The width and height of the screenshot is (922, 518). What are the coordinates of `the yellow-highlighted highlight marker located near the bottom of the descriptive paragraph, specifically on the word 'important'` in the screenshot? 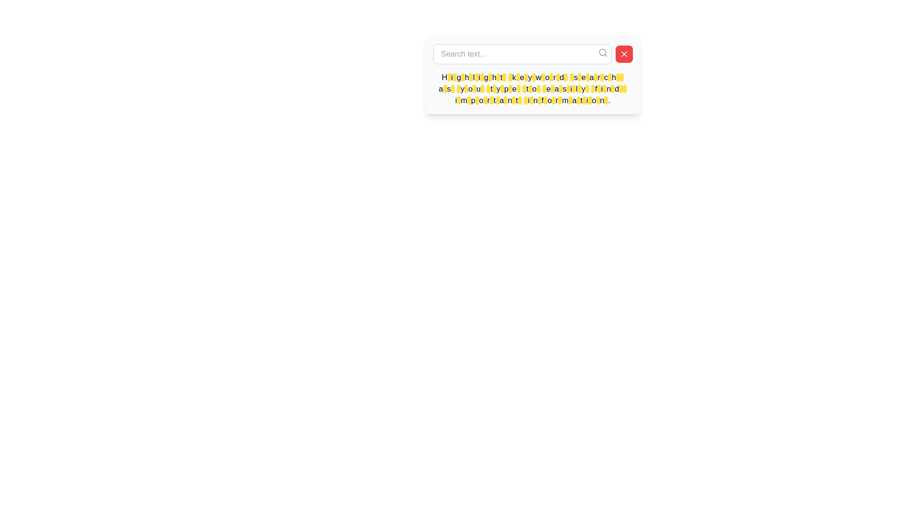 It's located at (505, 100).